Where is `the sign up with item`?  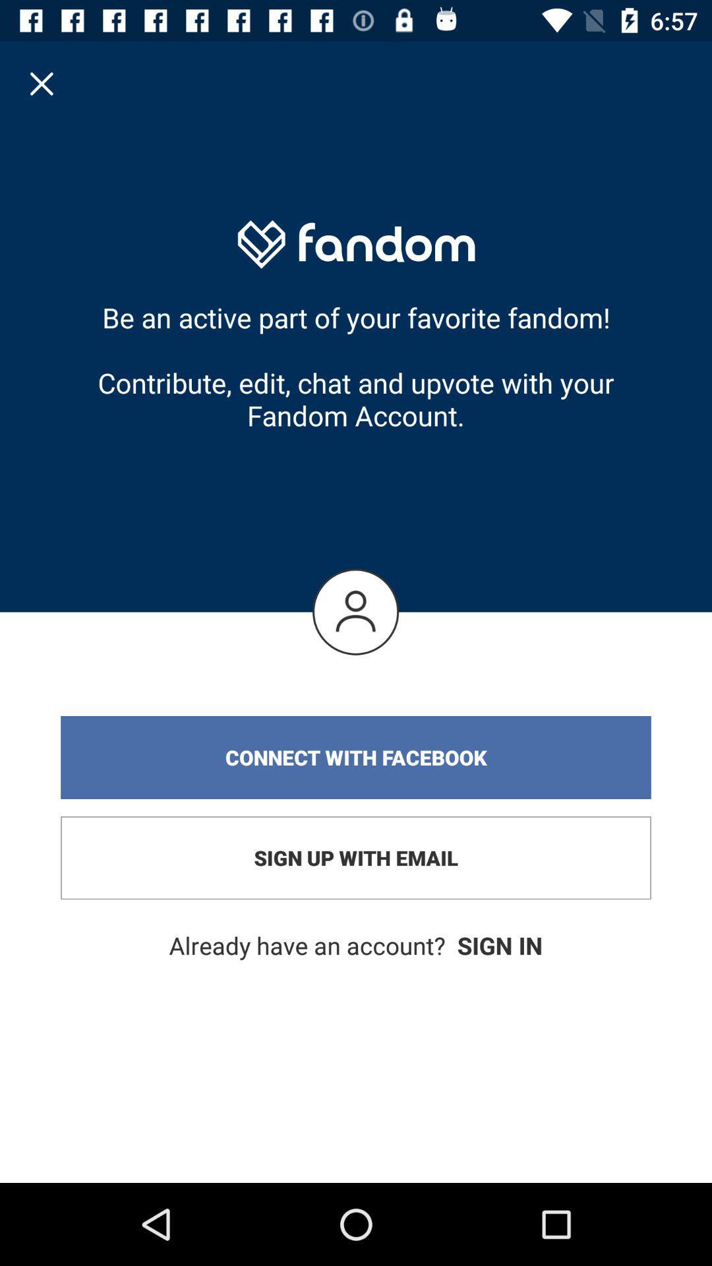 the sign up with item is located at coordinates (356, 858).